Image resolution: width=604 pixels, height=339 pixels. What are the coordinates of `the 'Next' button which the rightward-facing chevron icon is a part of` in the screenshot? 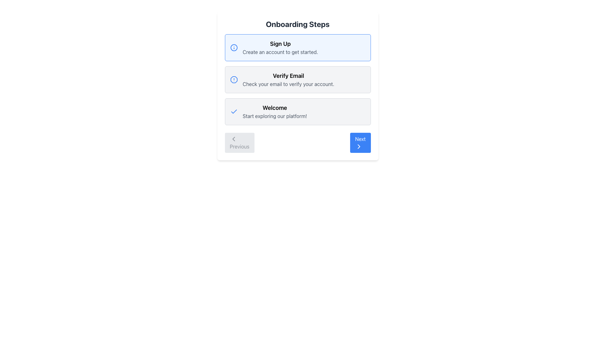 It's located at (359, 146).